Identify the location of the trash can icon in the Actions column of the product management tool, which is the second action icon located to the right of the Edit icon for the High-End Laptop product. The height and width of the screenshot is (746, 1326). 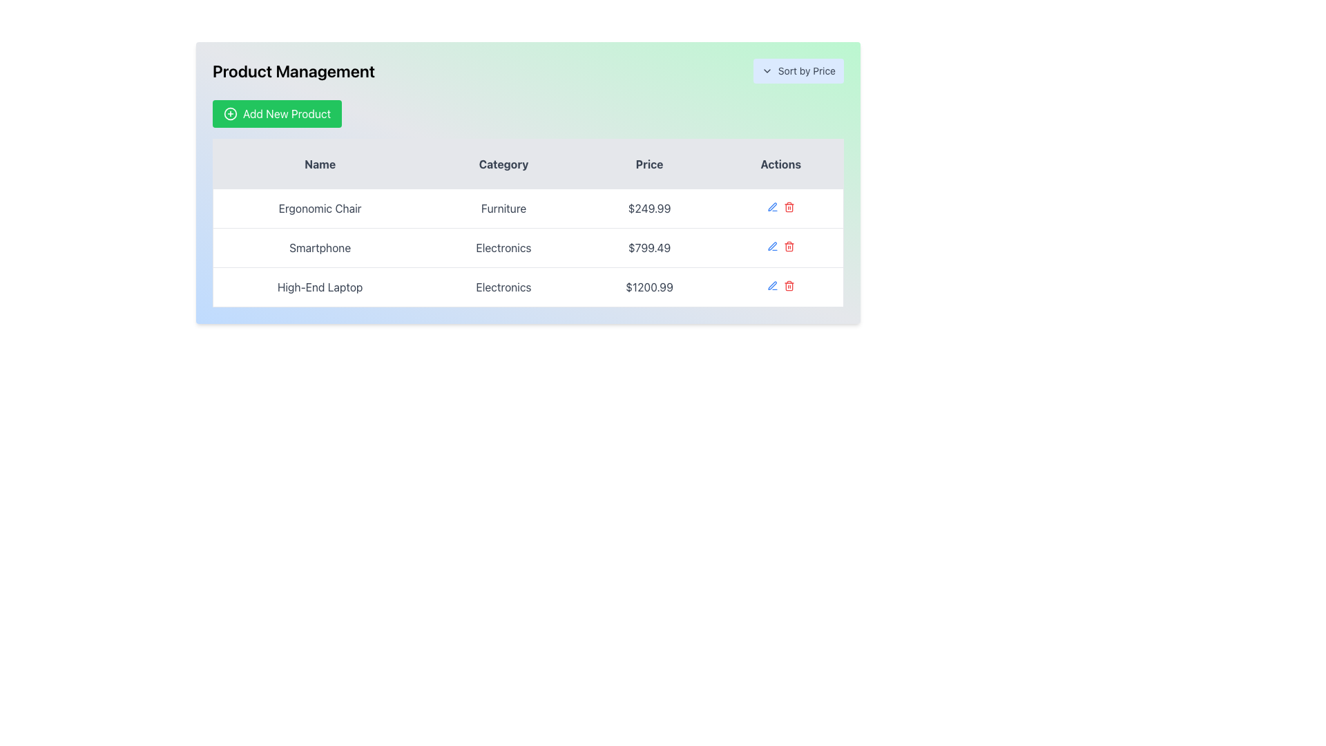
(789, 286).